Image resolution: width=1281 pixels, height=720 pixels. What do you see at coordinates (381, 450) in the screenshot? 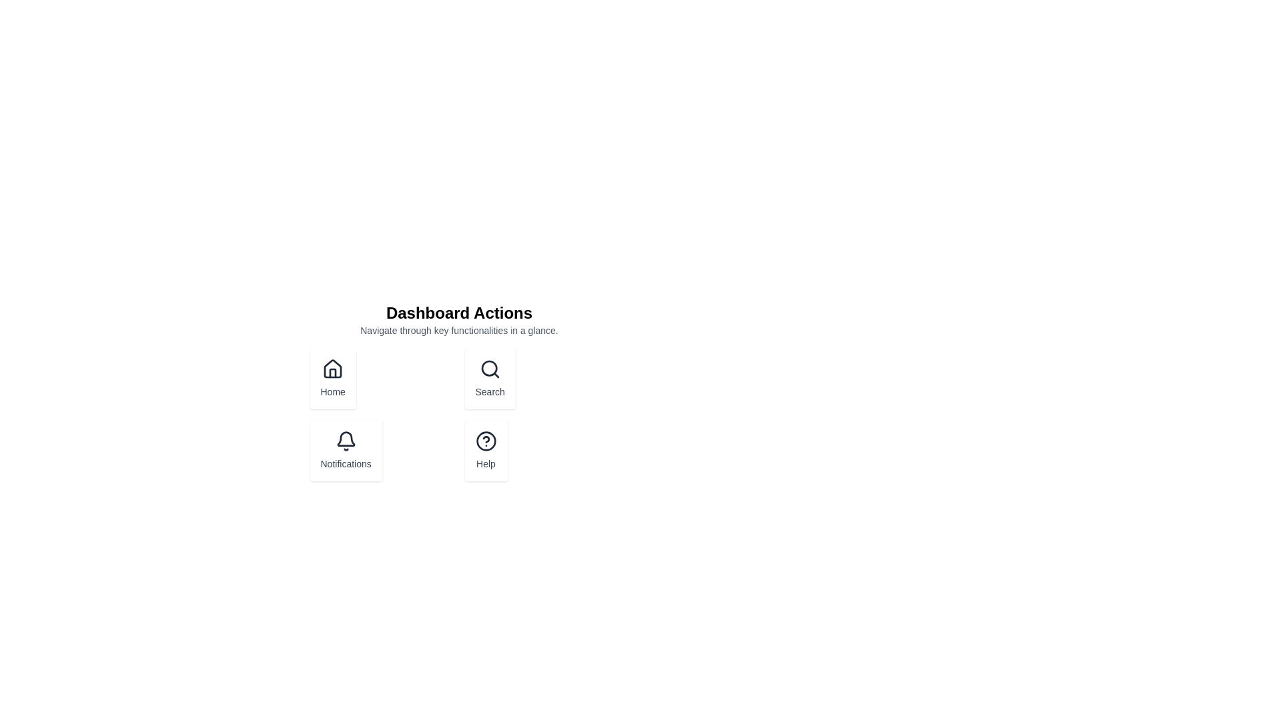
I see `the notifications button located in the bottom left quadrant, below the Home button and to the left of the Help button` at bounding box center [381, 450].